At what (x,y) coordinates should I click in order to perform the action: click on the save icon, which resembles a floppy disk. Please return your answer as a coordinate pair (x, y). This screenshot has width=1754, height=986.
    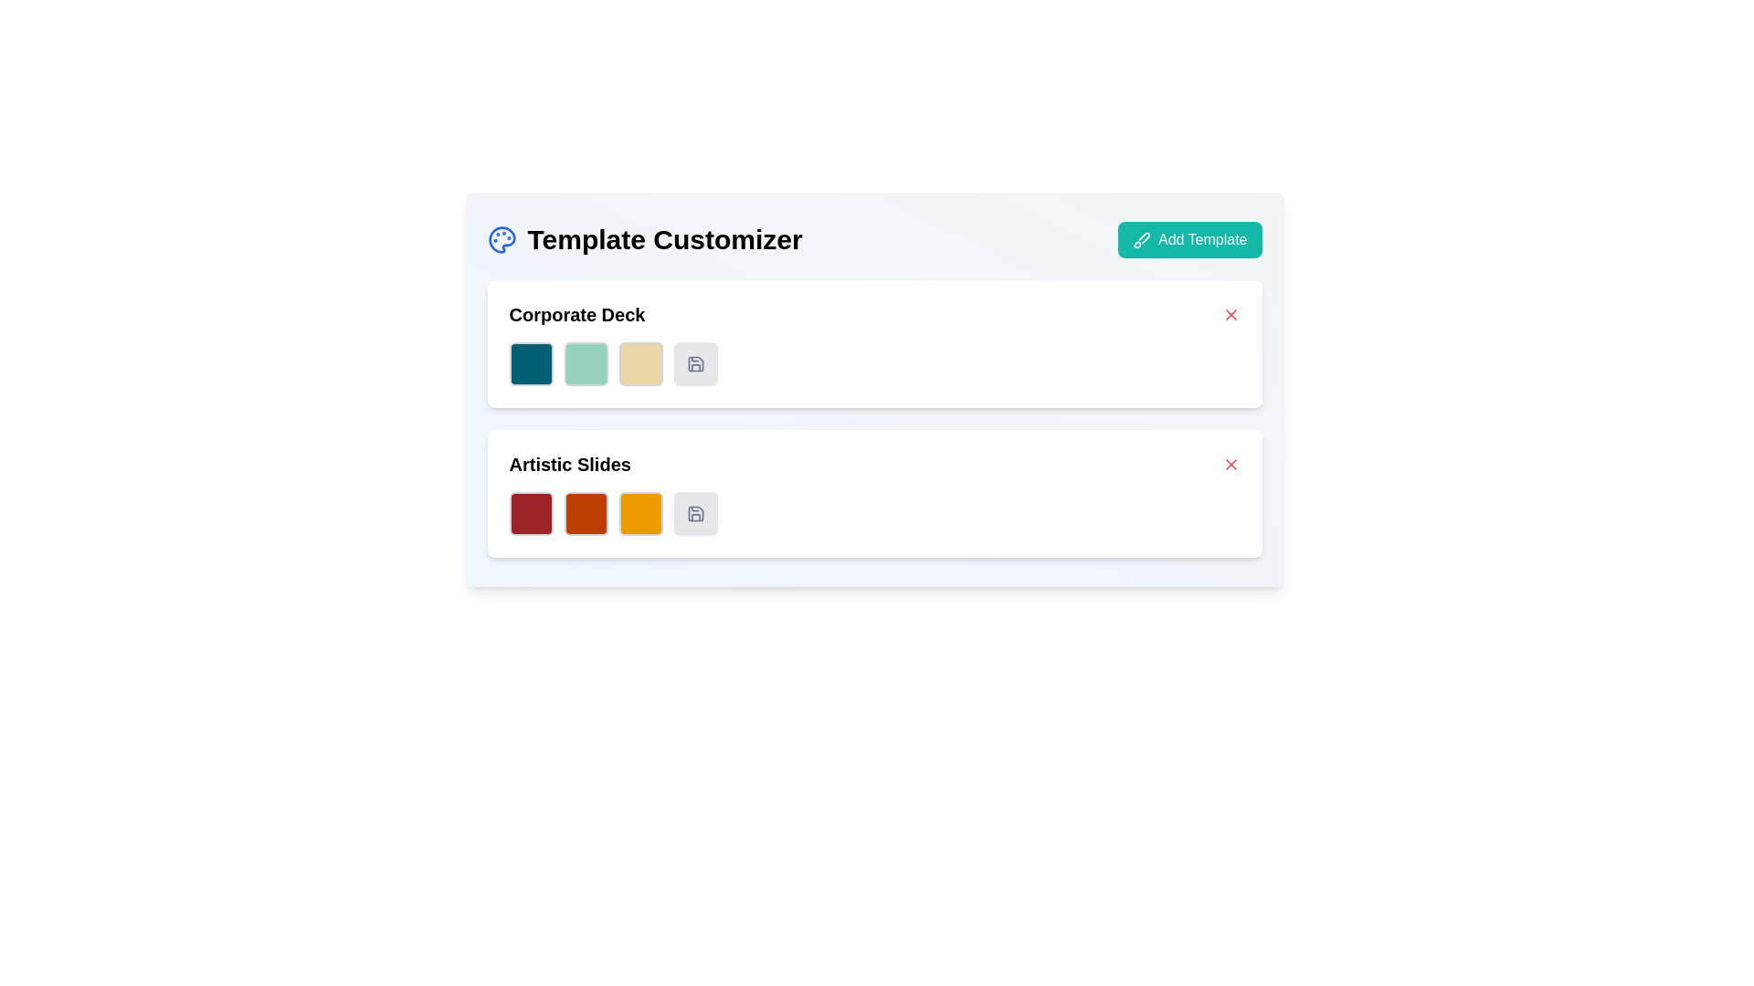
    Looking at the image, I should click on (694, 363).